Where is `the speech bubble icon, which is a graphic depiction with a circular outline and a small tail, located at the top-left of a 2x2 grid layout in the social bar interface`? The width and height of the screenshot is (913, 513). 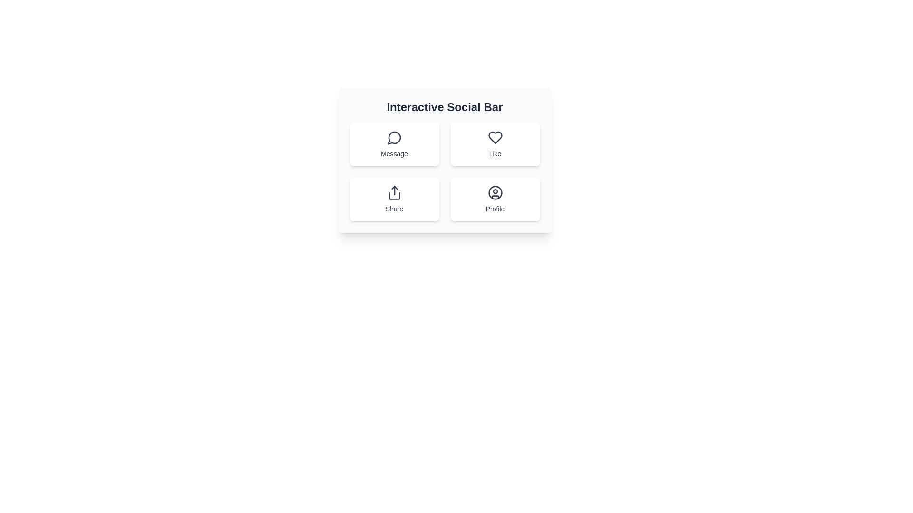 the speech bubble icon, which is a graphic depiction with a circular outline and a small tail, located at the top-left of a 2x2 grid layout in the social bar interface is located at coordinates (394, 138).